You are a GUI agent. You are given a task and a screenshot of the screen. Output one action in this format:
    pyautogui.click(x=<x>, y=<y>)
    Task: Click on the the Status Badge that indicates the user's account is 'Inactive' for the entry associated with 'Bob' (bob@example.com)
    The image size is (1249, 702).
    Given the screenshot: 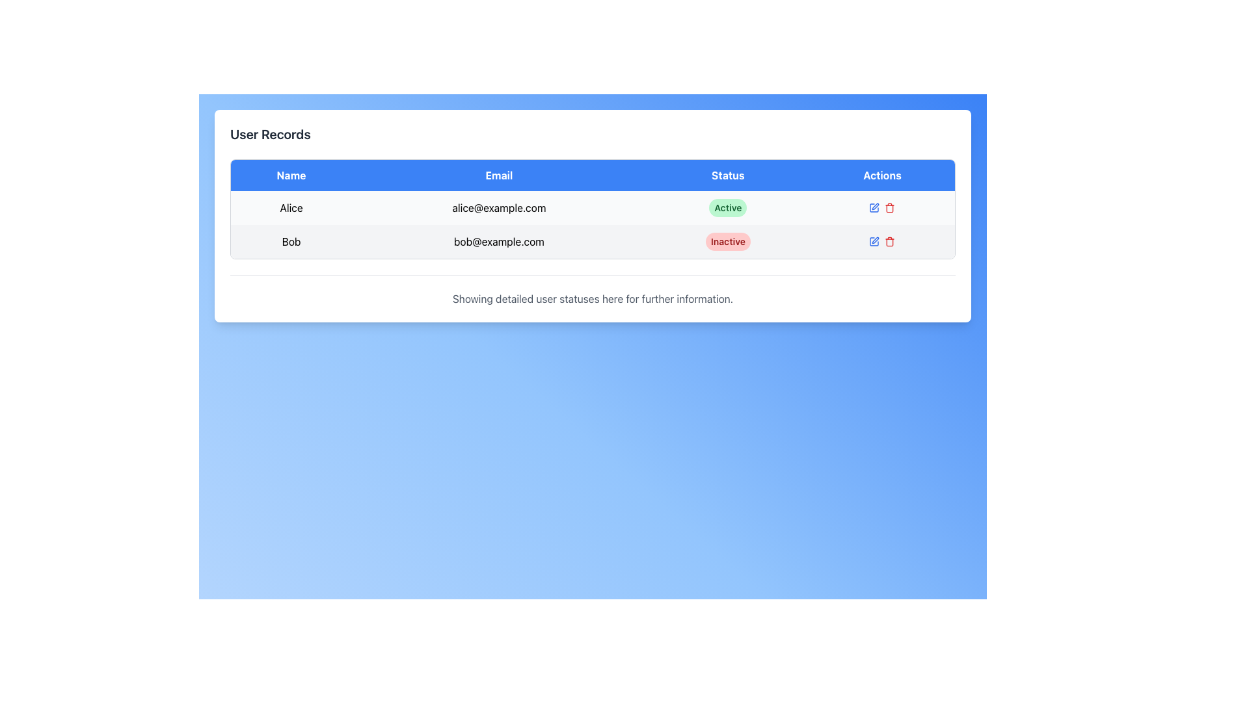 What is the action you would take?
    pyautogui.click(x=727, y=241)
    